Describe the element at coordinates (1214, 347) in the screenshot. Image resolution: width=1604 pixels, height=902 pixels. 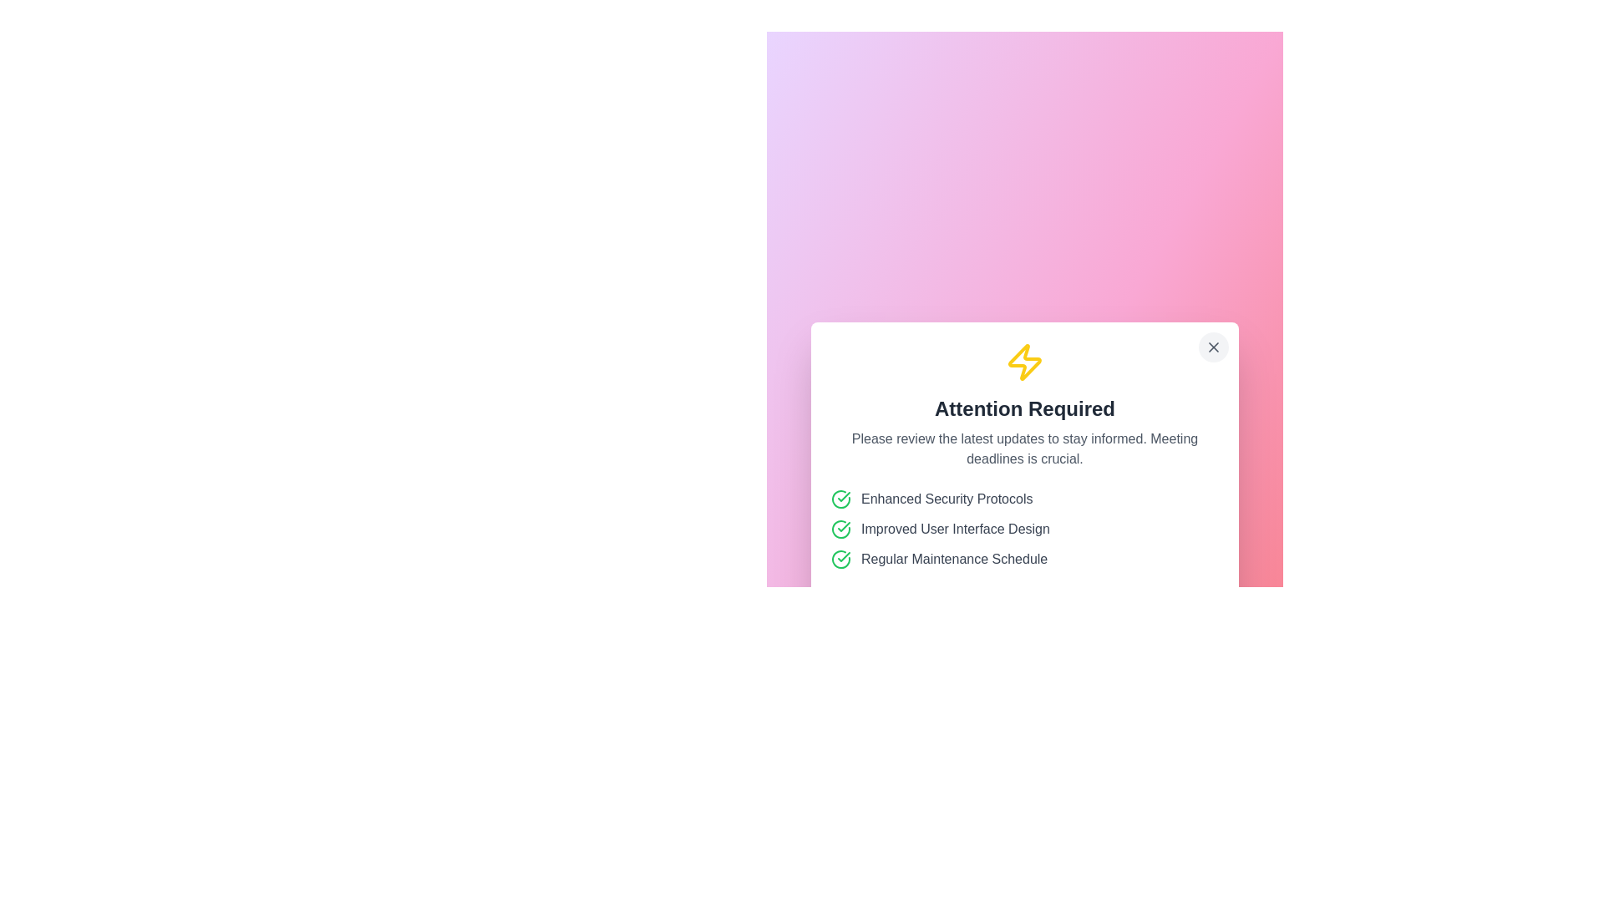
I see `the close button located at the top-right corner of the modal dialog` at that location.